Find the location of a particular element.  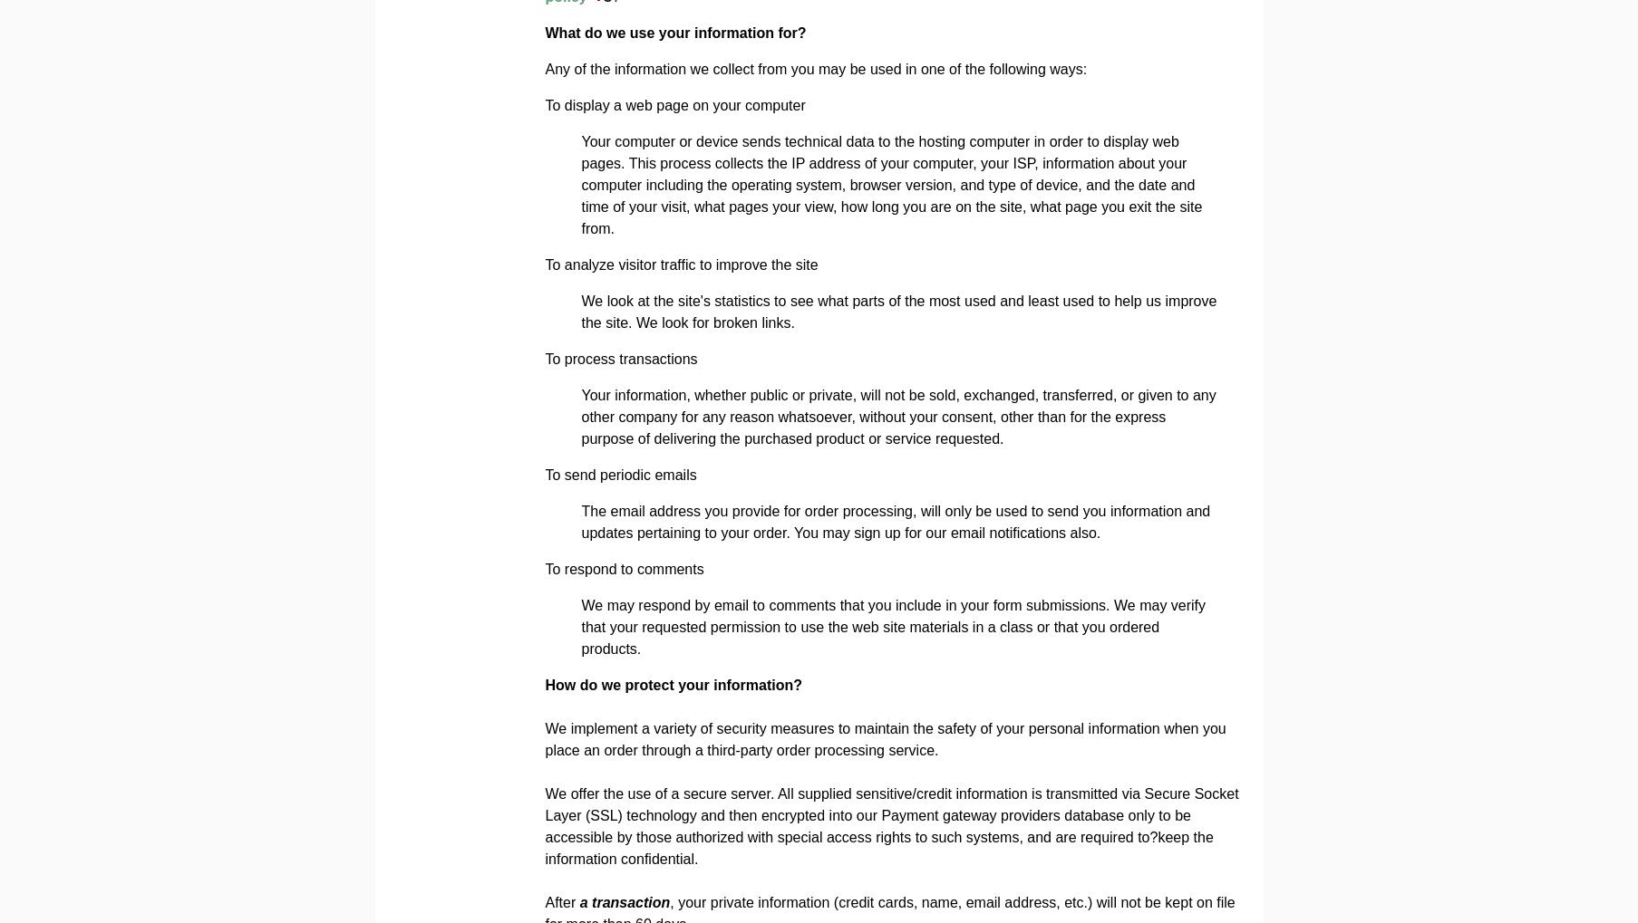

'What do we use your information for?' is located at coordinates (675, 32).